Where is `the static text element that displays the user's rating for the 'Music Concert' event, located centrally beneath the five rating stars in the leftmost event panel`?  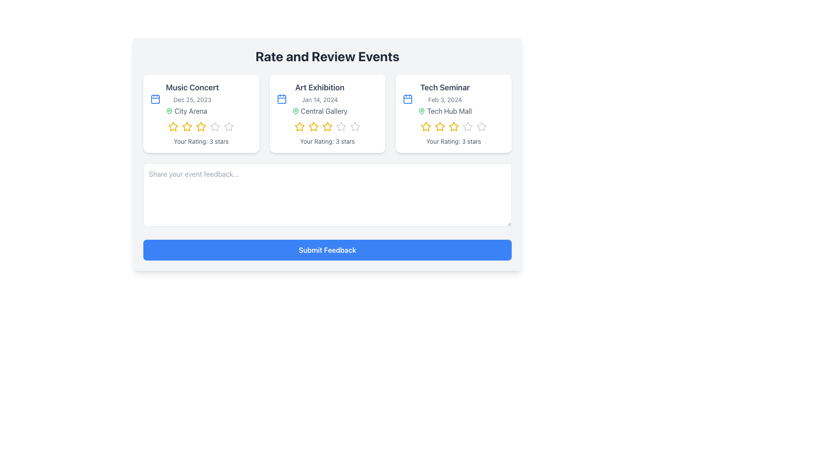 the static text element that displays the user's rating for the 'Music Concert' event, located centrally beneath the five rating stars in the leftmost event panel is located at coordinates (201, 141).